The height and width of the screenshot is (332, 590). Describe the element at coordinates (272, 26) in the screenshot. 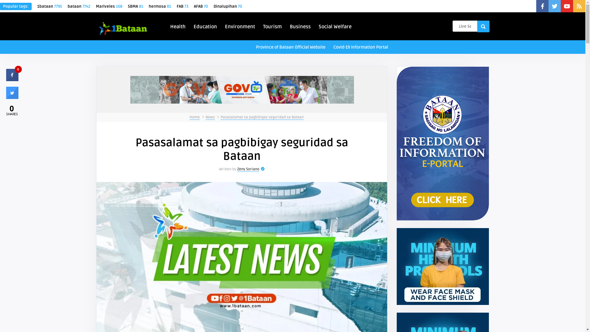

I see `'Tourism'` at that location.